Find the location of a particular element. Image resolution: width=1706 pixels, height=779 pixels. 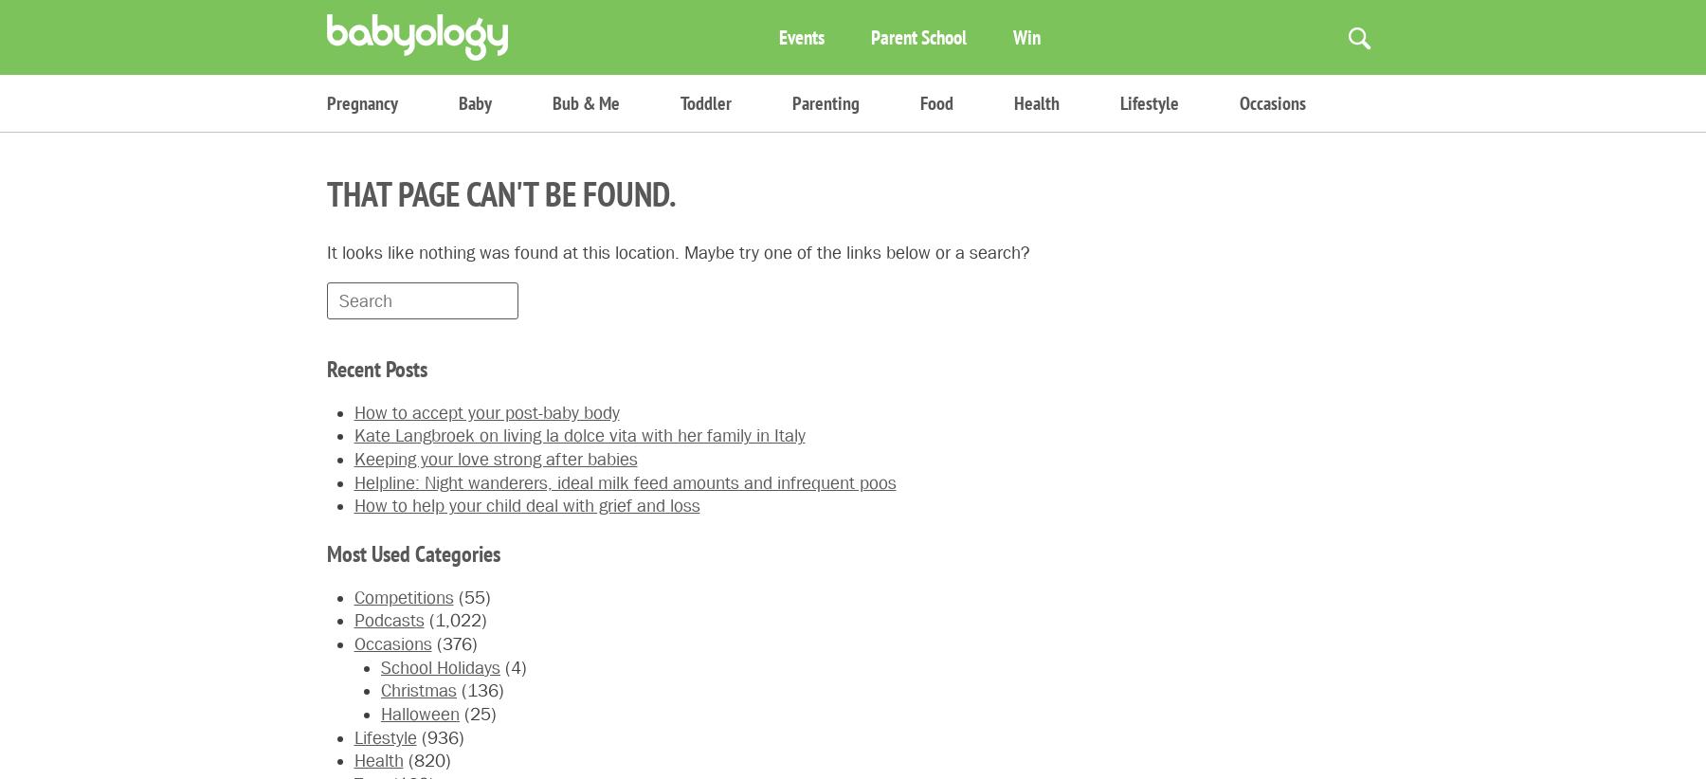

'Events' is located at coordinates (779, 35).